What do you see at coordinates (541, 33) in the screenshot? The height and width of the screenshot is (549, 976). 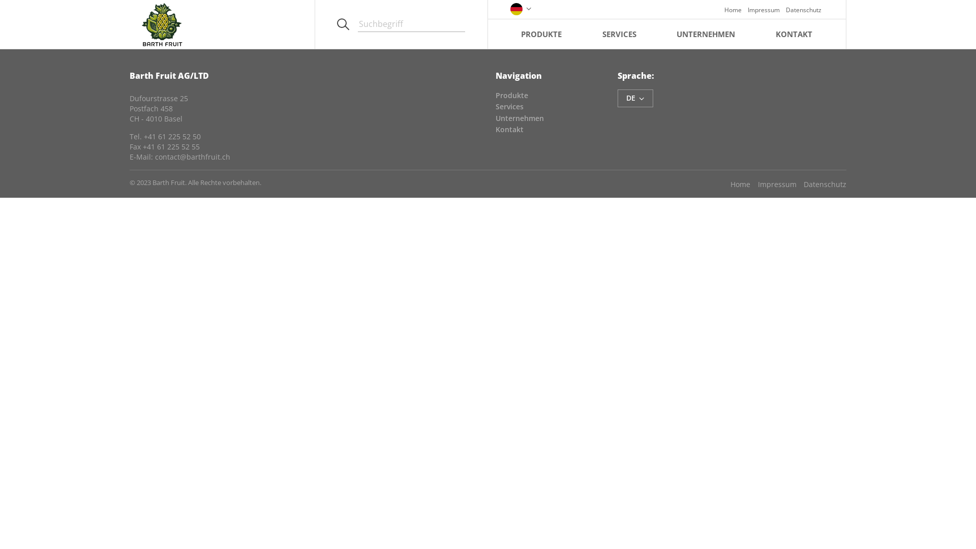 I see `'PRODUKTE'` at bounding box center [541, 33].